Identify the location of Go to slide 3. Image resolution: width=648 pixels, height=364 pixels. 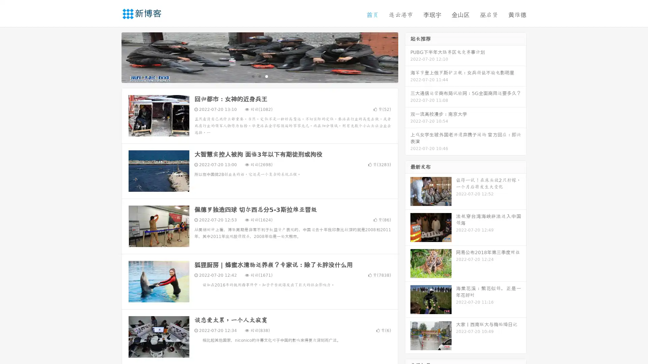
(266, 76).